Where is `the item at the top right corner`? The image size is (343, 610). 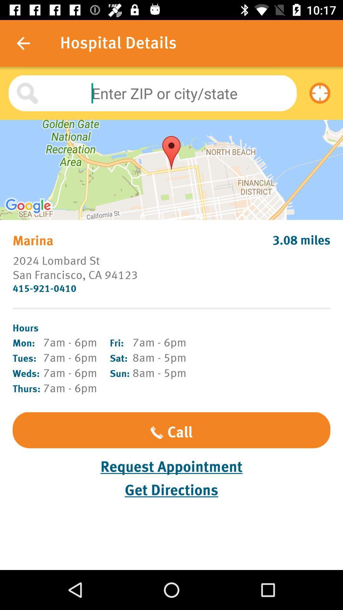
the item at the top right corner is located at coordinates (320, 93).